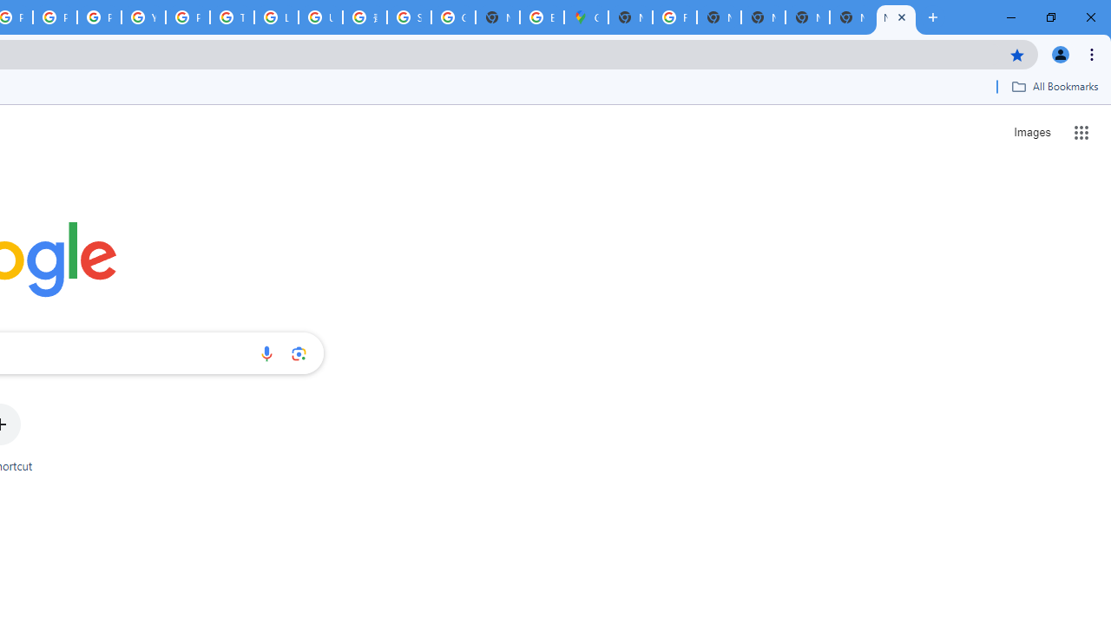 The height and width of the screenshot is (625, 1111). I want to click on 'Tips & tricks for Chrome - Google Chrome Help', so click(231, 17).